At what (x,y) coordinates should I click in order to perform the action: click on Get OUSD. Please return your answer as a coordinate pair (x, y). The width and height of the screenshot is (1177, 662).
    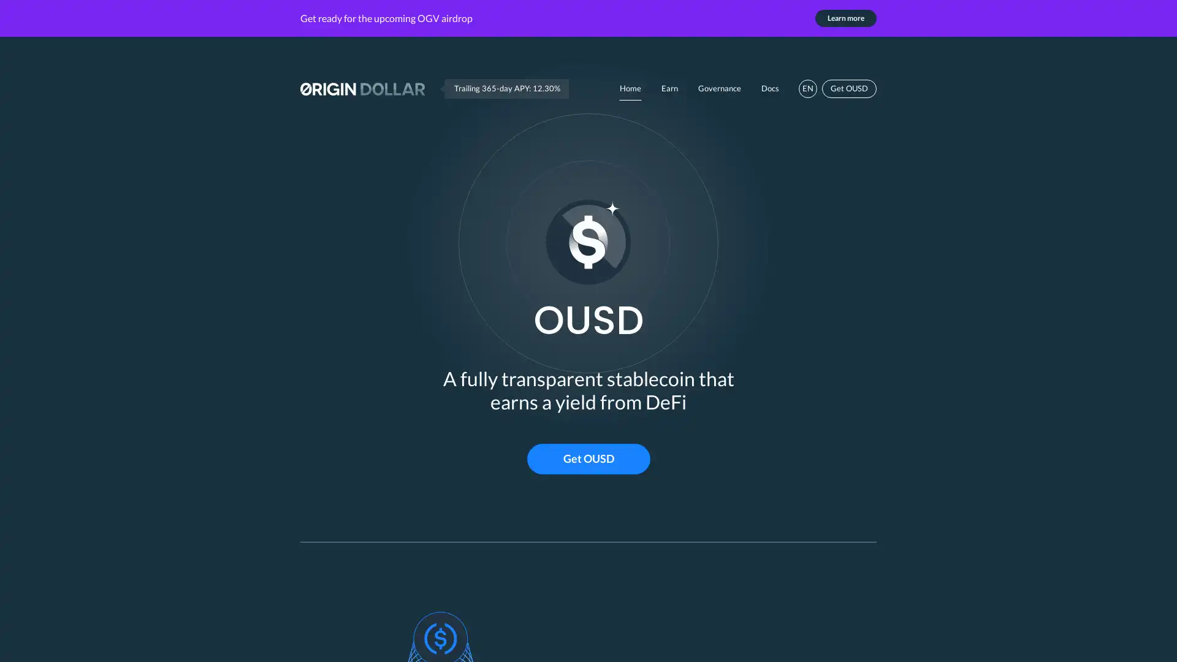
    Looking at the image, I should click on (848, 88).